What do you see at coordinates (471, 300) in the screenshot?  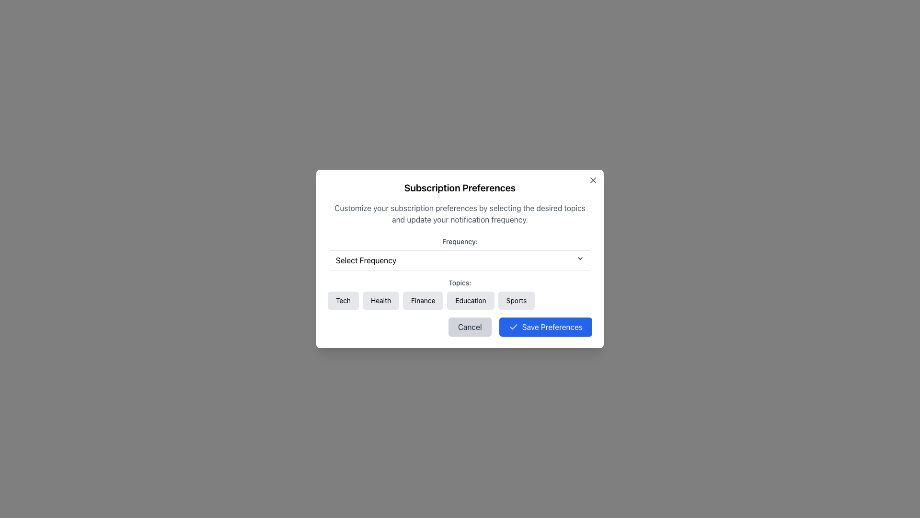 I see `the 'Education' button, which is a rectangular button with a light gray background and located as the fourth button in a horizontal row of topic buttons` at bounding box center [471, 300].